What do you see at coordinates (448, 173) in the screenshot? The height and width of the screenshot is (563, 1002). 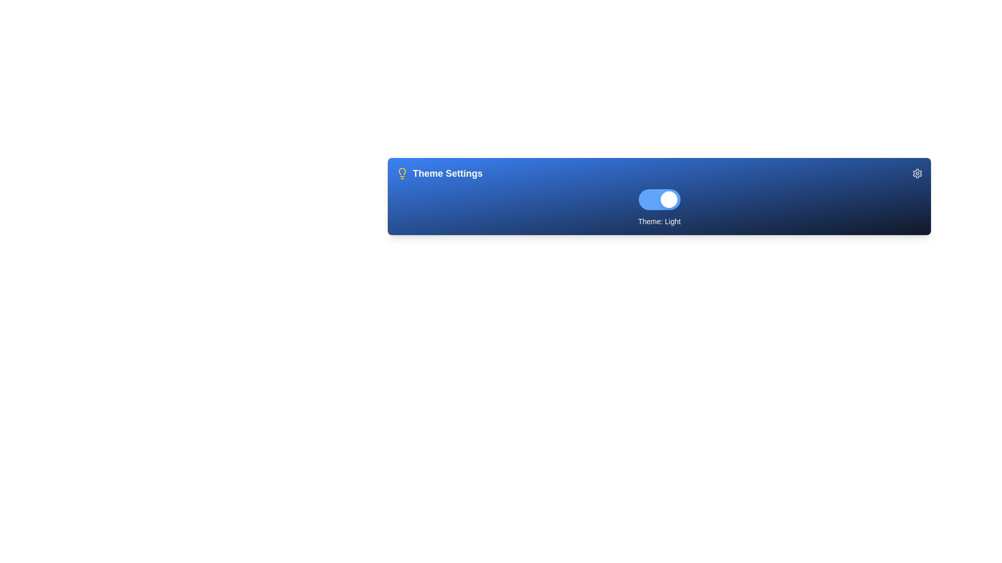 I see `text from the label indicating theme settings, which is located to the immediate right of a lightbulb icon in the blue section` at bounding box center [448, 173].